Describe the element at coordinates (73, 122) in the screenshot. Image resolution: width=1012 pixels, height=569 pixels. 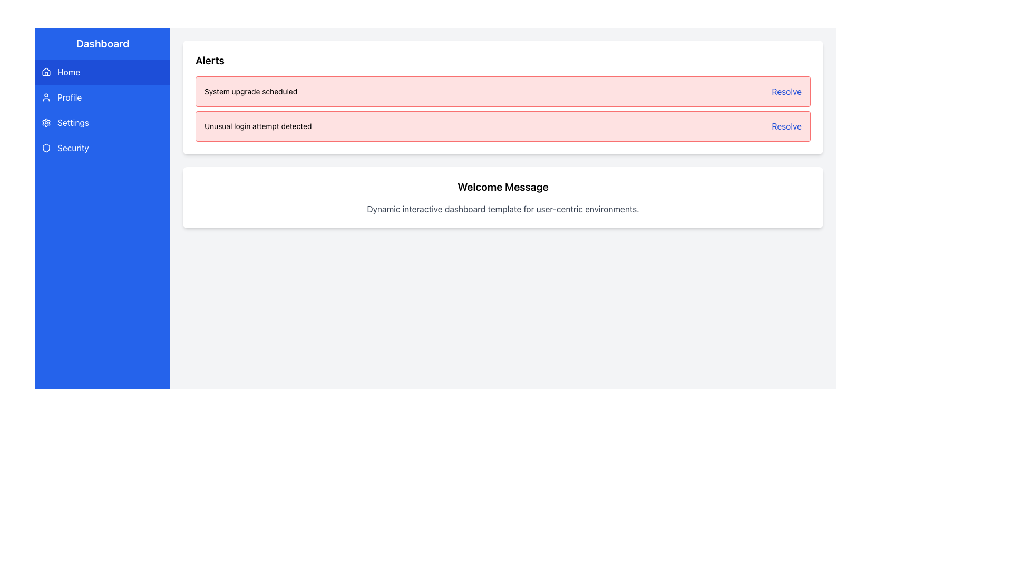
I see `the 'Settings' text label located next to the gear icon in the sidebar menu` at that location.